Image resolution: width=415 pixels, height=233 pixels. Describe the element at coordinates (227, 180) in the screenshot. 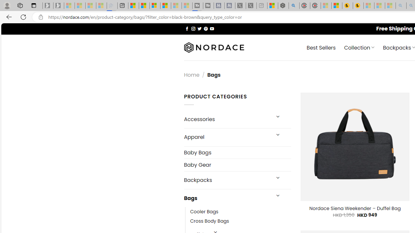

I see `'Backpacks'` at that location.